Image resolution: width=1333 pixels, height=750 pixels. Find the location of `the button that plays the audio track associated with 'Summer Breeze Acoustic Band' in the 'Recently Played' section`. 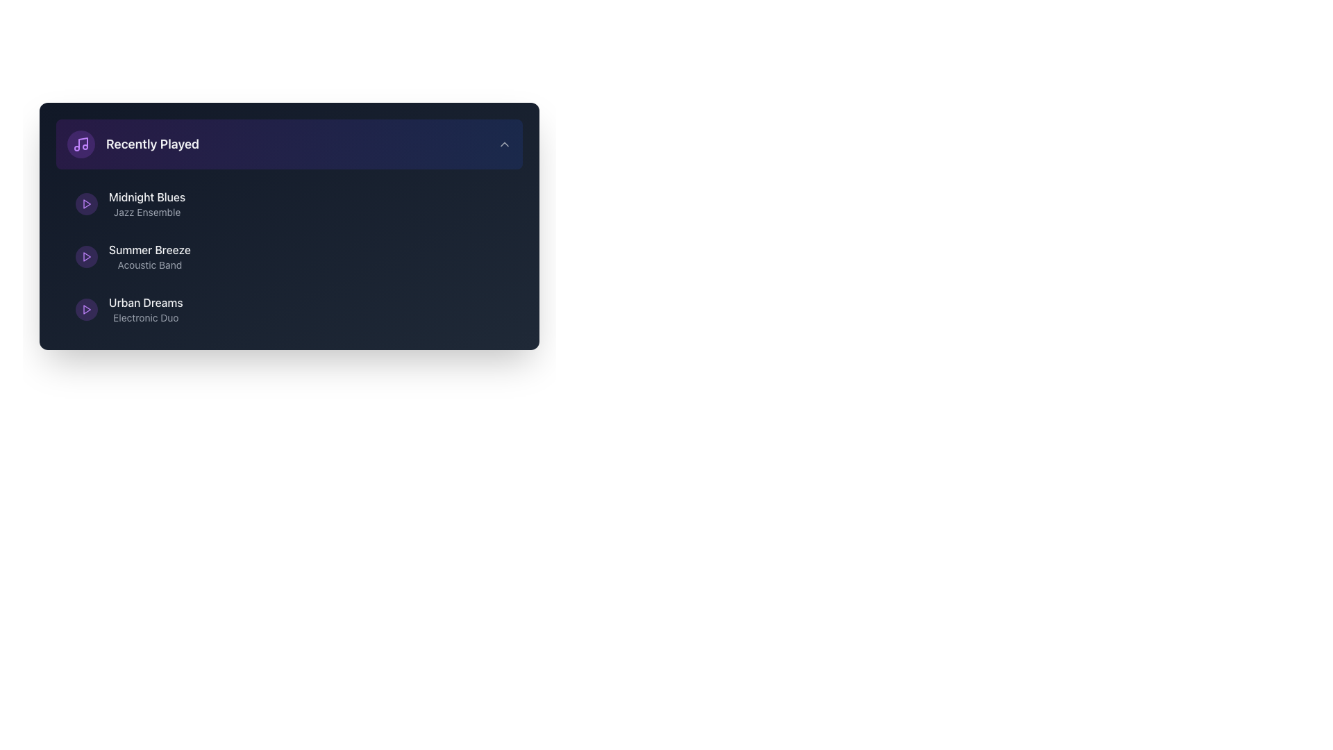

the button that plays the audio track associated with 'Summer Breeze Acoustic Band' in the 'Recently Played' section is located at coordinates (85, 257).